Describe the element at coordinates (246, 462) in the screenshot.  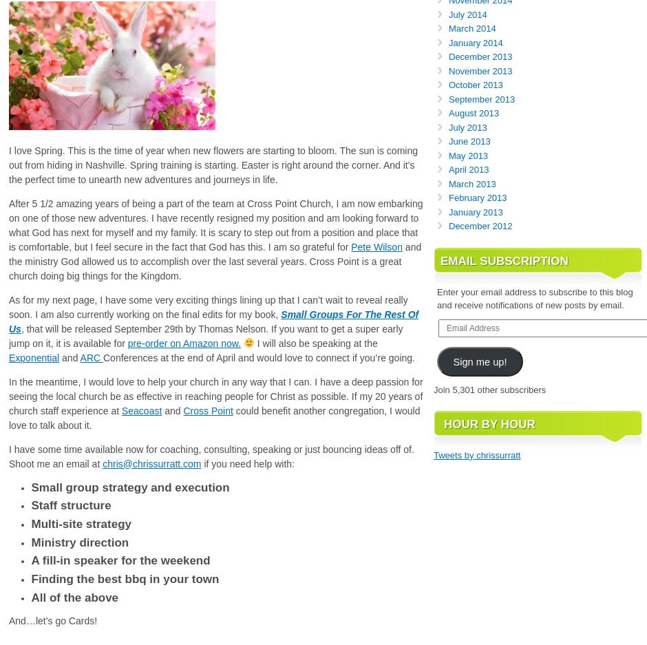
I see `'if you need help with:'` at that location.